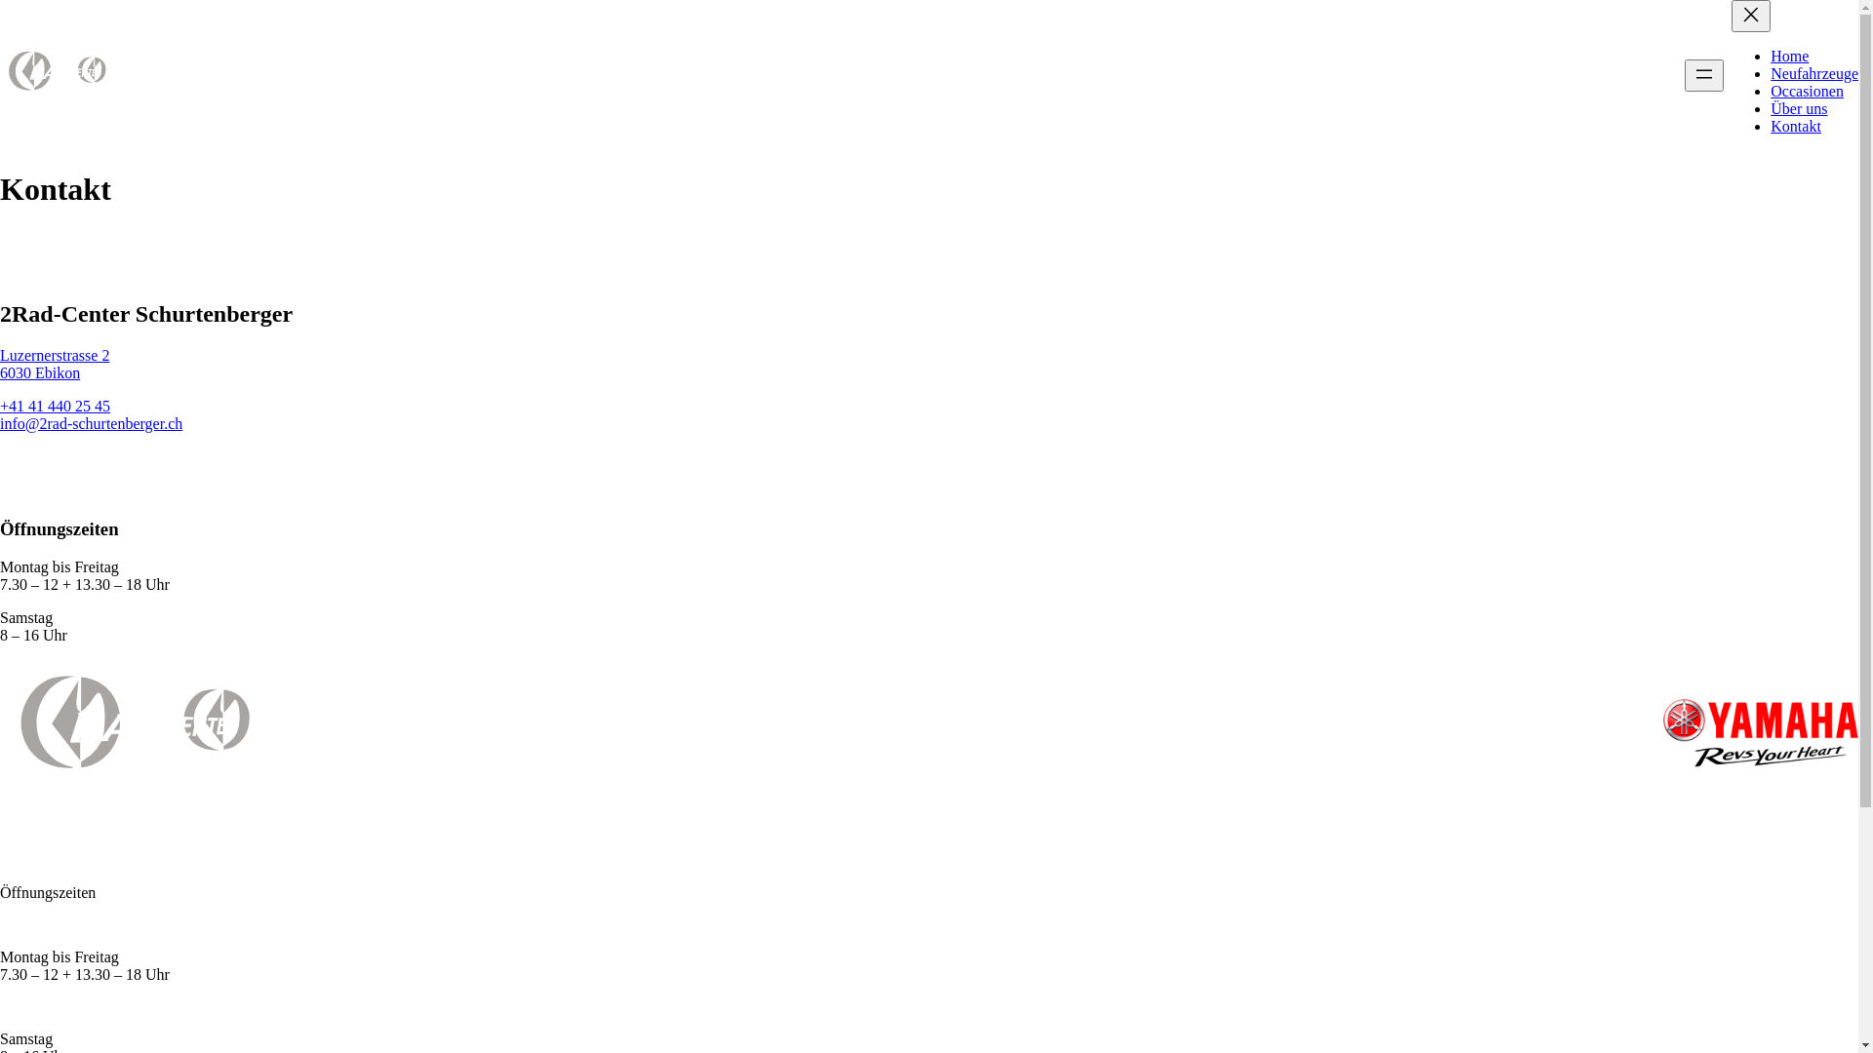  I want to click on 'info@2rad-schurtenberger.ch', so click(0, 422).